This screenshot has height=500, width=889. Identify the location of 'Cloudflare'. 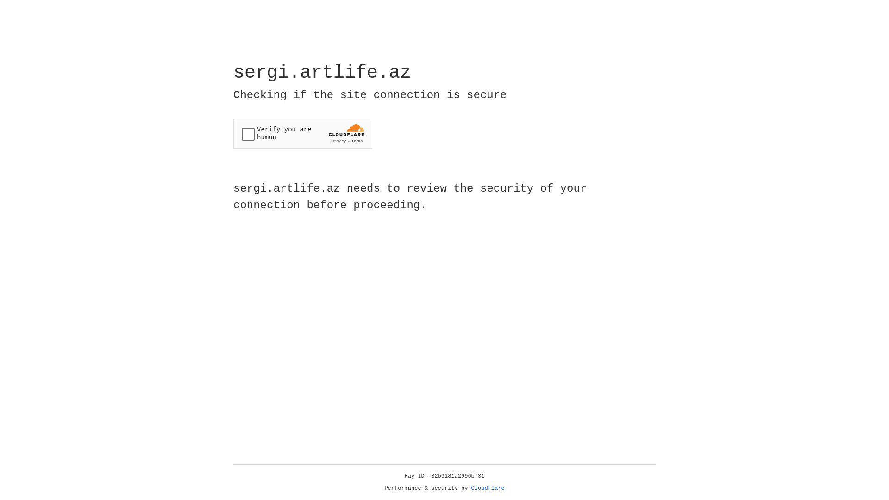
(488, 488).